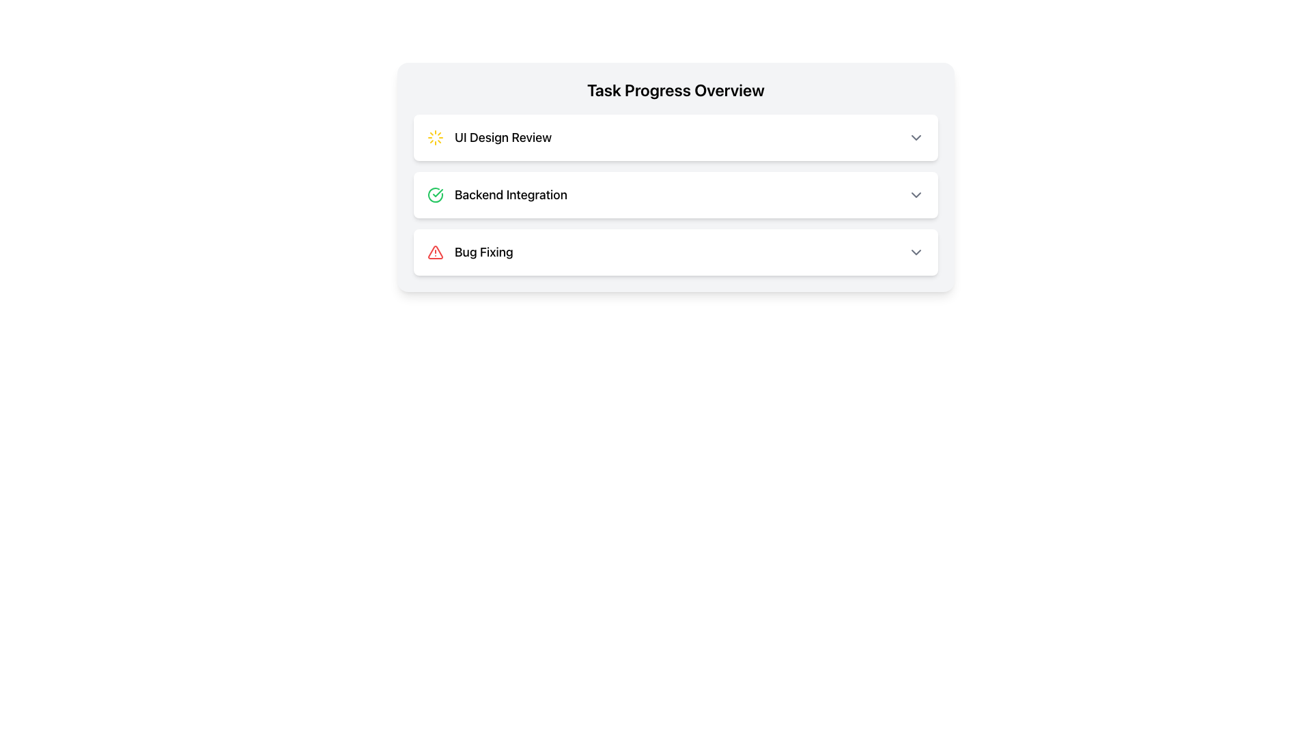 The height and width of the screenshot is (737, 1311). Describe the element at coordinates (435, 194) in the screenshot. I see `the circular icon with a green border and a checkmark inside, located to the left of the 'Backend Integration' text label in the task progress overview list, to get visual feedback` at that location.